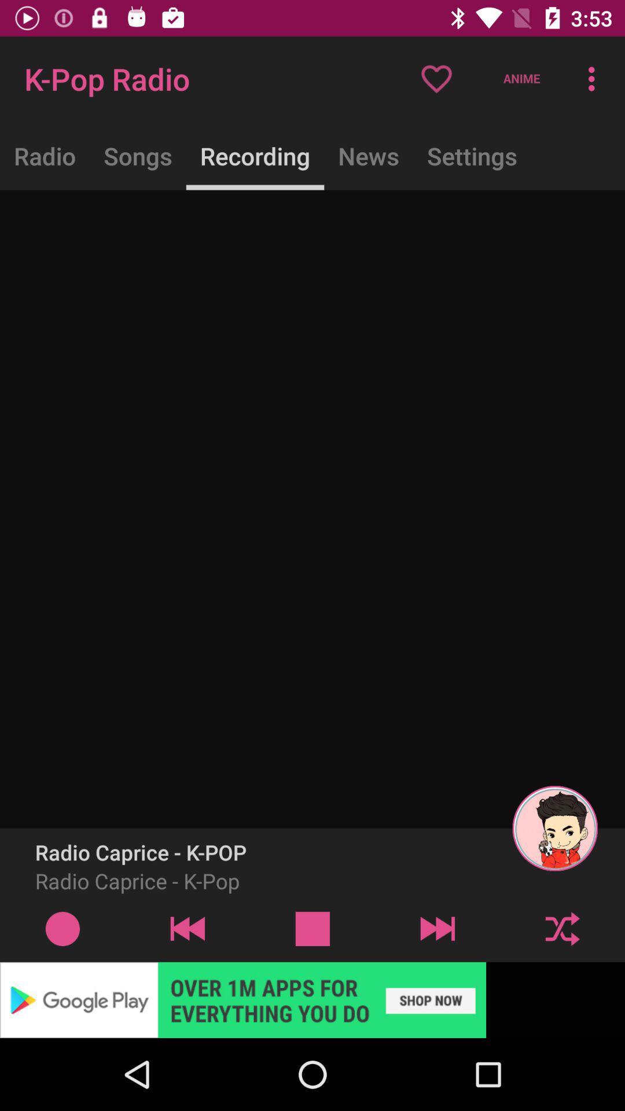 Image resolution: width=625 pixels, height=1111 pixels. I want to click on backward option, so click(187, 928).